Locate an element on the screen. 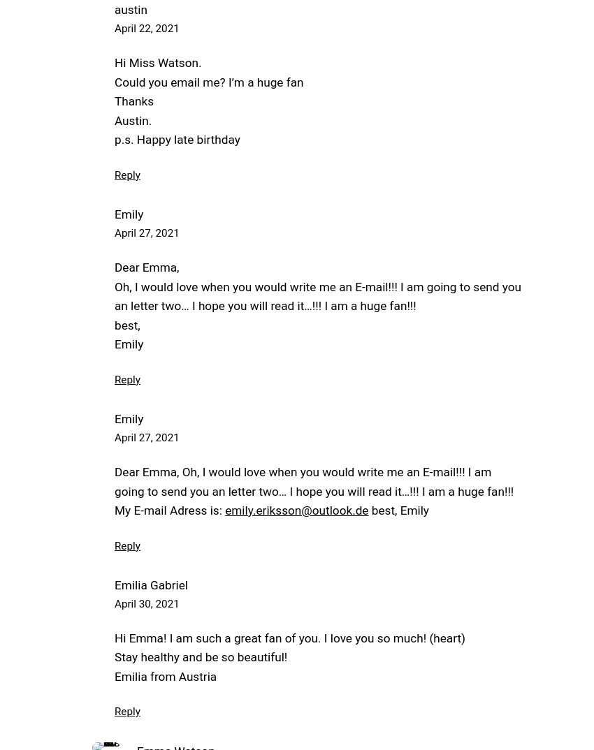 Image resolution: width=594 pixels, height=750 pixels. 'Could you email me? I’m a huge fan' is located at coordinates (114, 80).